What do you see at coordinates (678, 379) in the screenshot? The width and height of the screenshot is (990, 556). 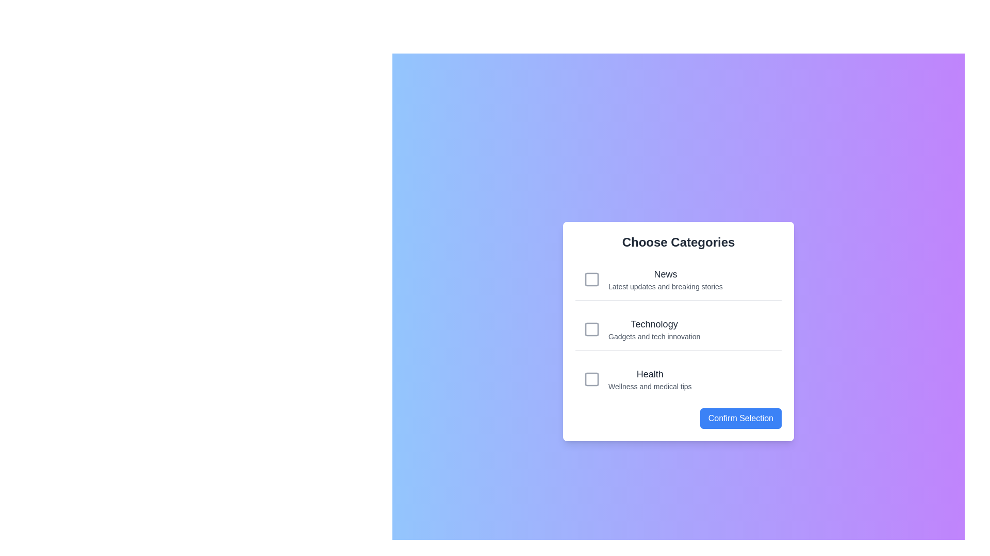 I see `the category Health to toggle its selection state` at bounding box center [678, 379].